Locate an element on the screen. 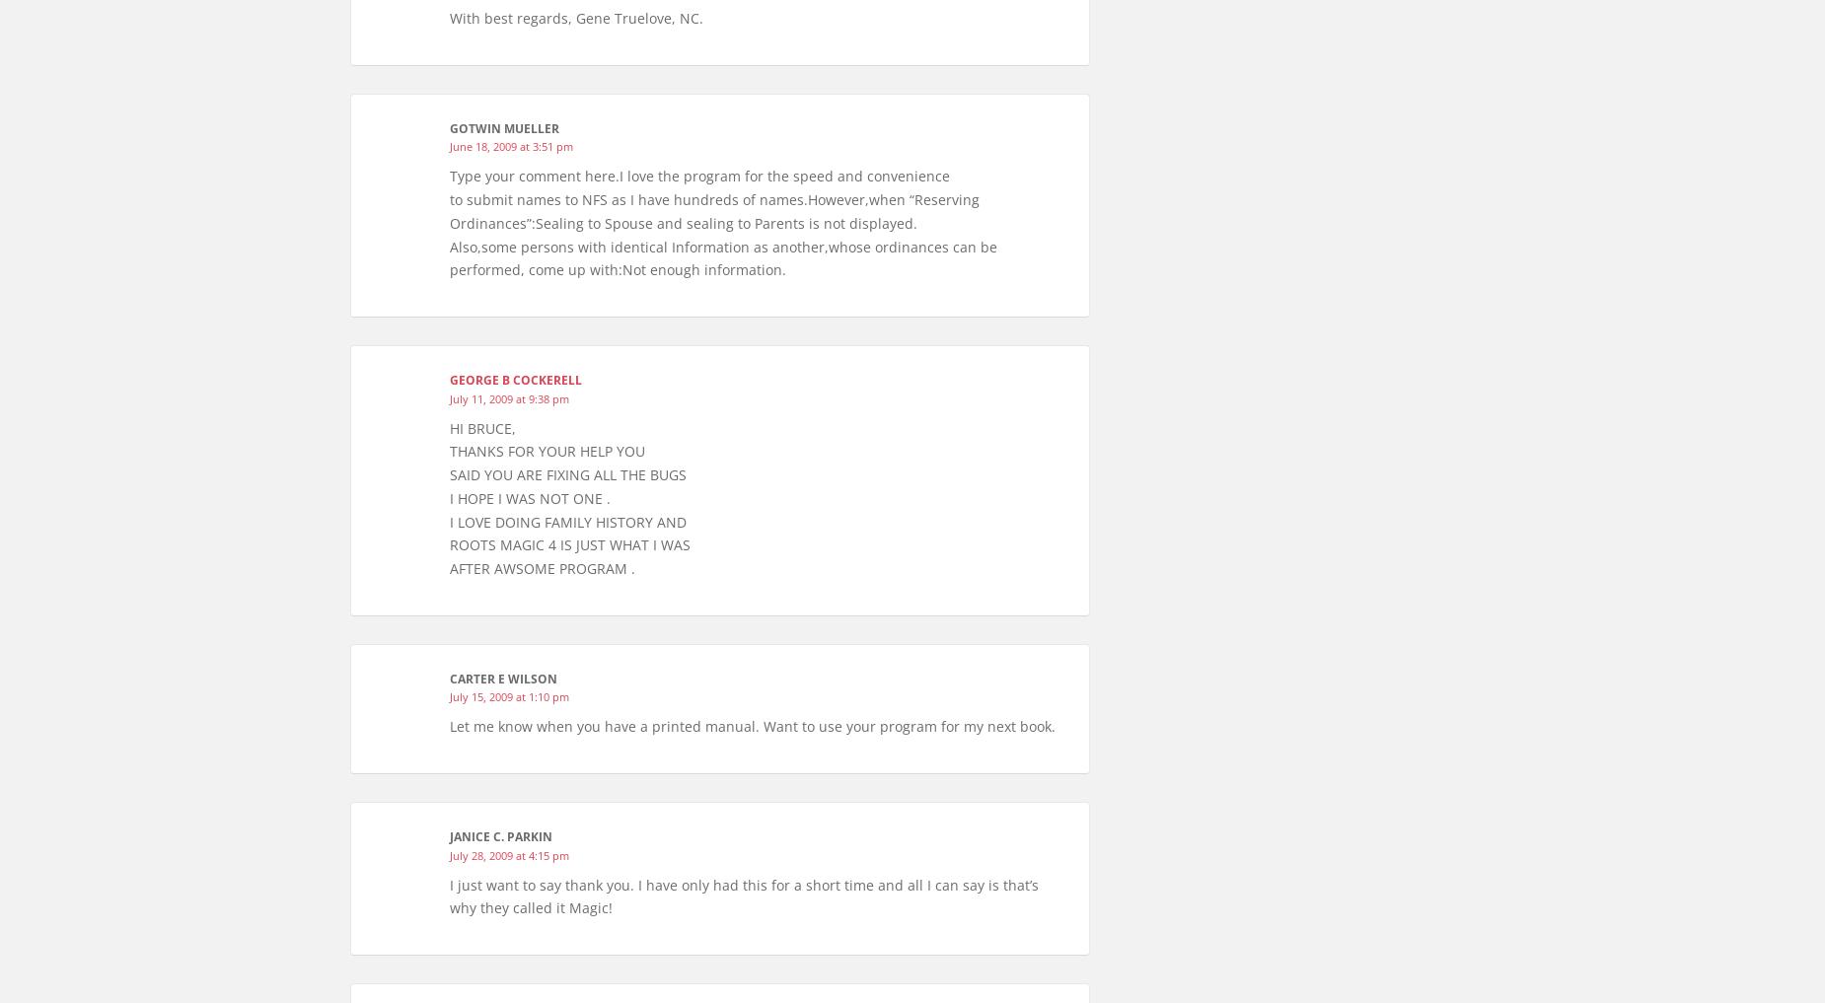 This screenshot has height=1003, width=1825. 'July 11, 2009 at 9:38 pm' is located at coordinates (449, 397).